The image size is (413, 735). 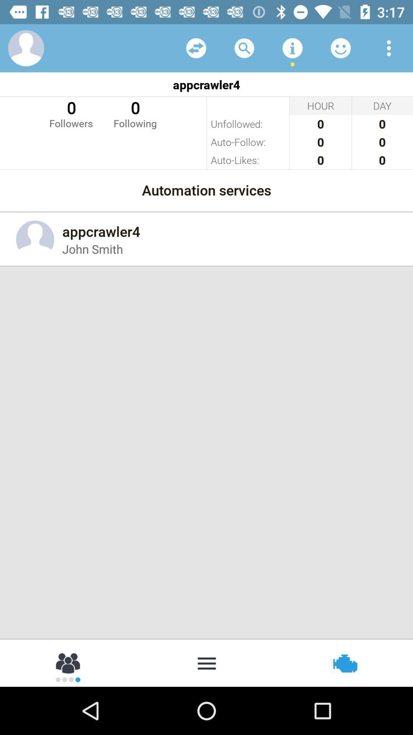 What do you see at coordinates (26, 47) in the screenshot?
I see `own profile` at bounding box center [26, 47].